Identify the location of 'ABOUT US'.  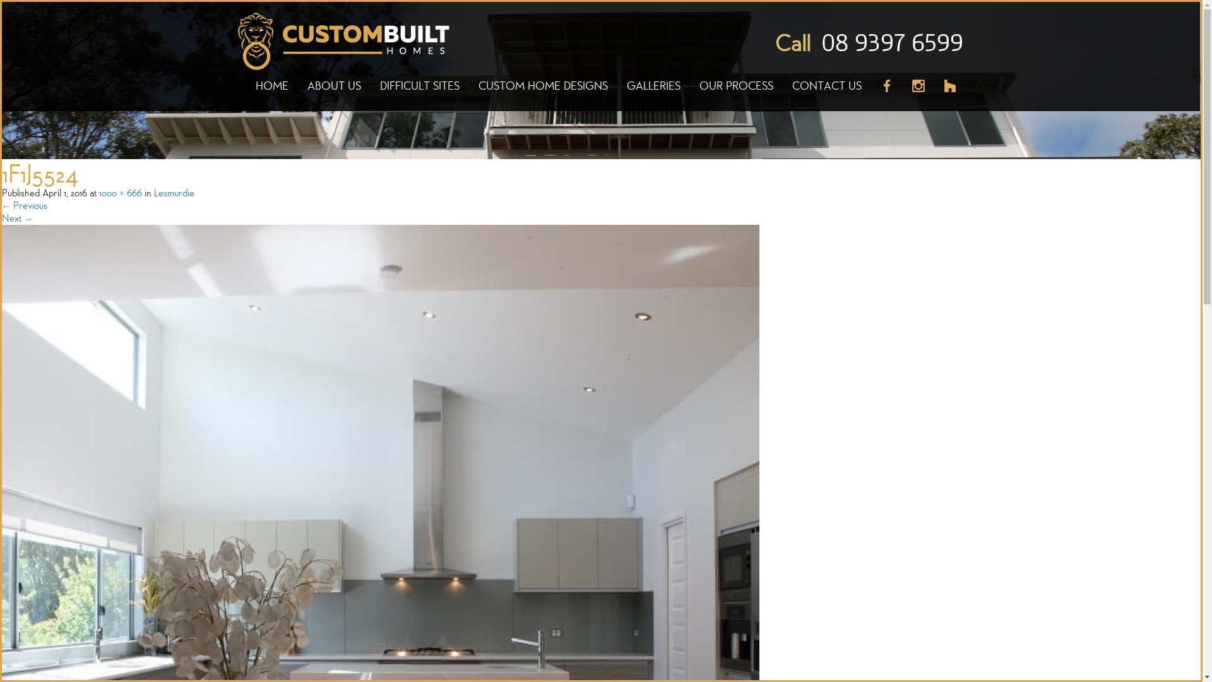
(297, 92).